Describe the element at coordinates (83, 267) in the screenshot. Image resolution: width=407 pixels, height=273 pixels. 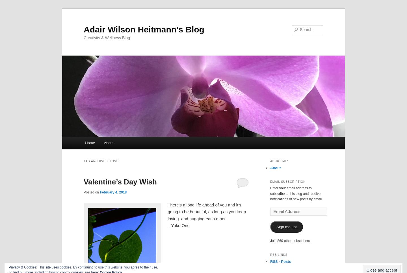
I see `'Privacy & Cookies: This site uses cookies. By continuing to use this website, you agree to their use.'` at that location.